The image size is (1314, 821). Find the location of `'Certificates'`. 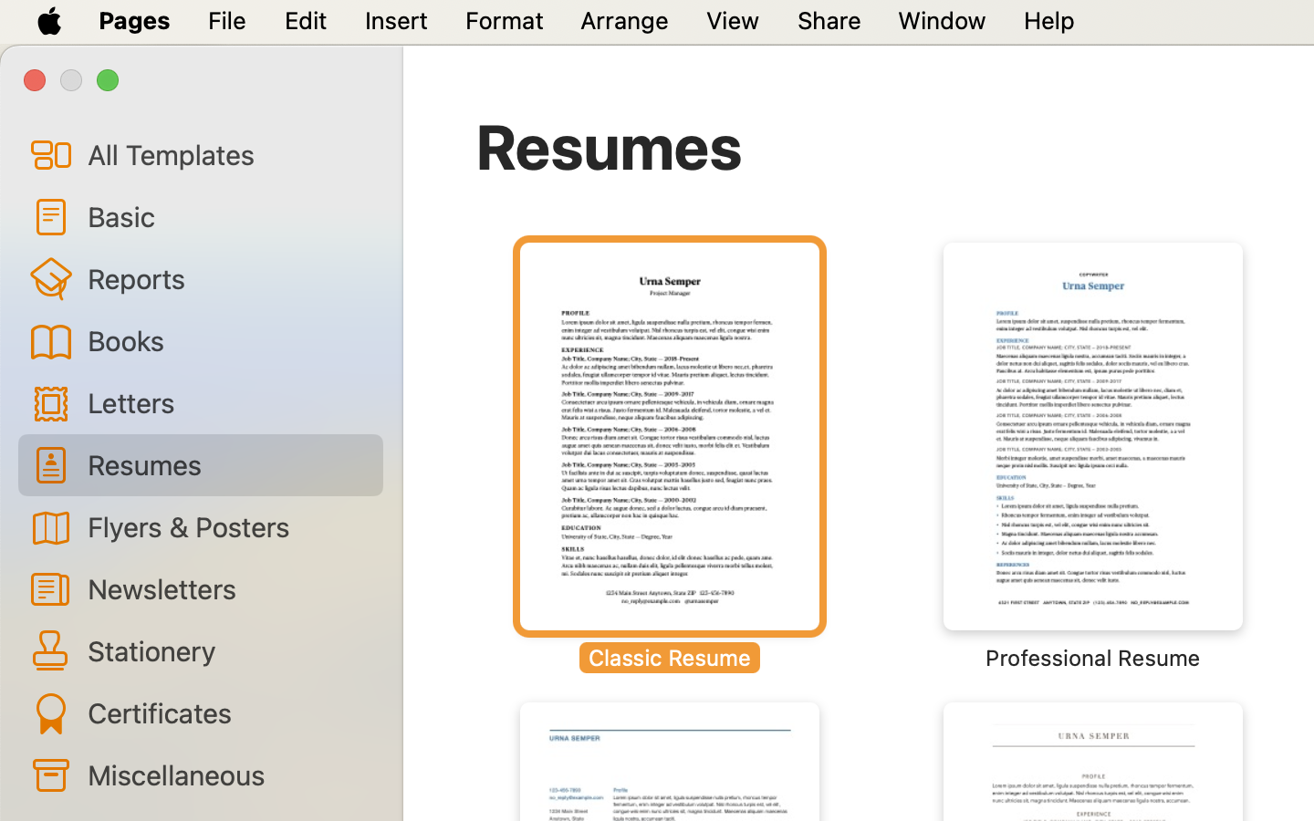

'Certificates' is located at coordinates (226, 712).